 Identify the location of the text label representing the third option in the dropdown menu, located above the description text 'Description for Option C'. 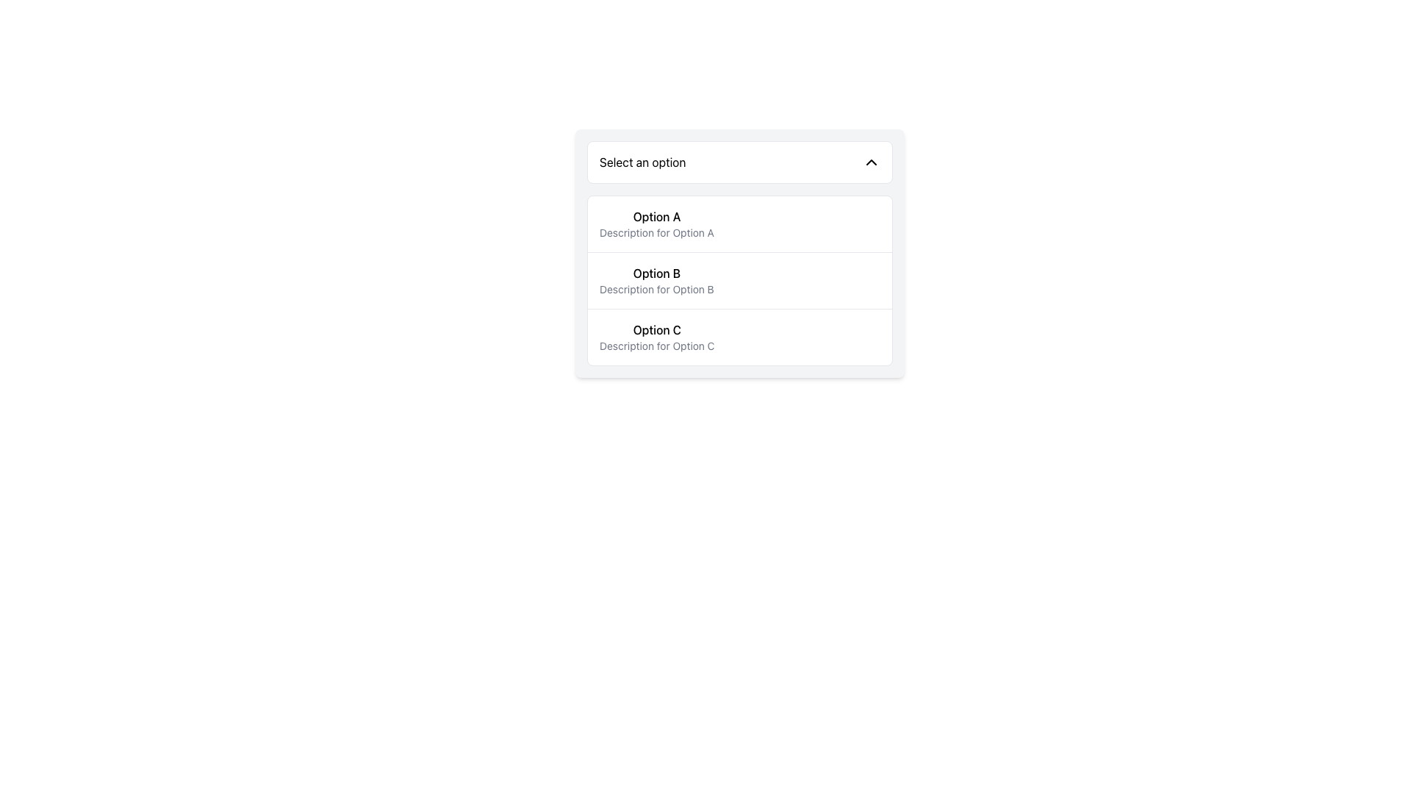
(656, 329).